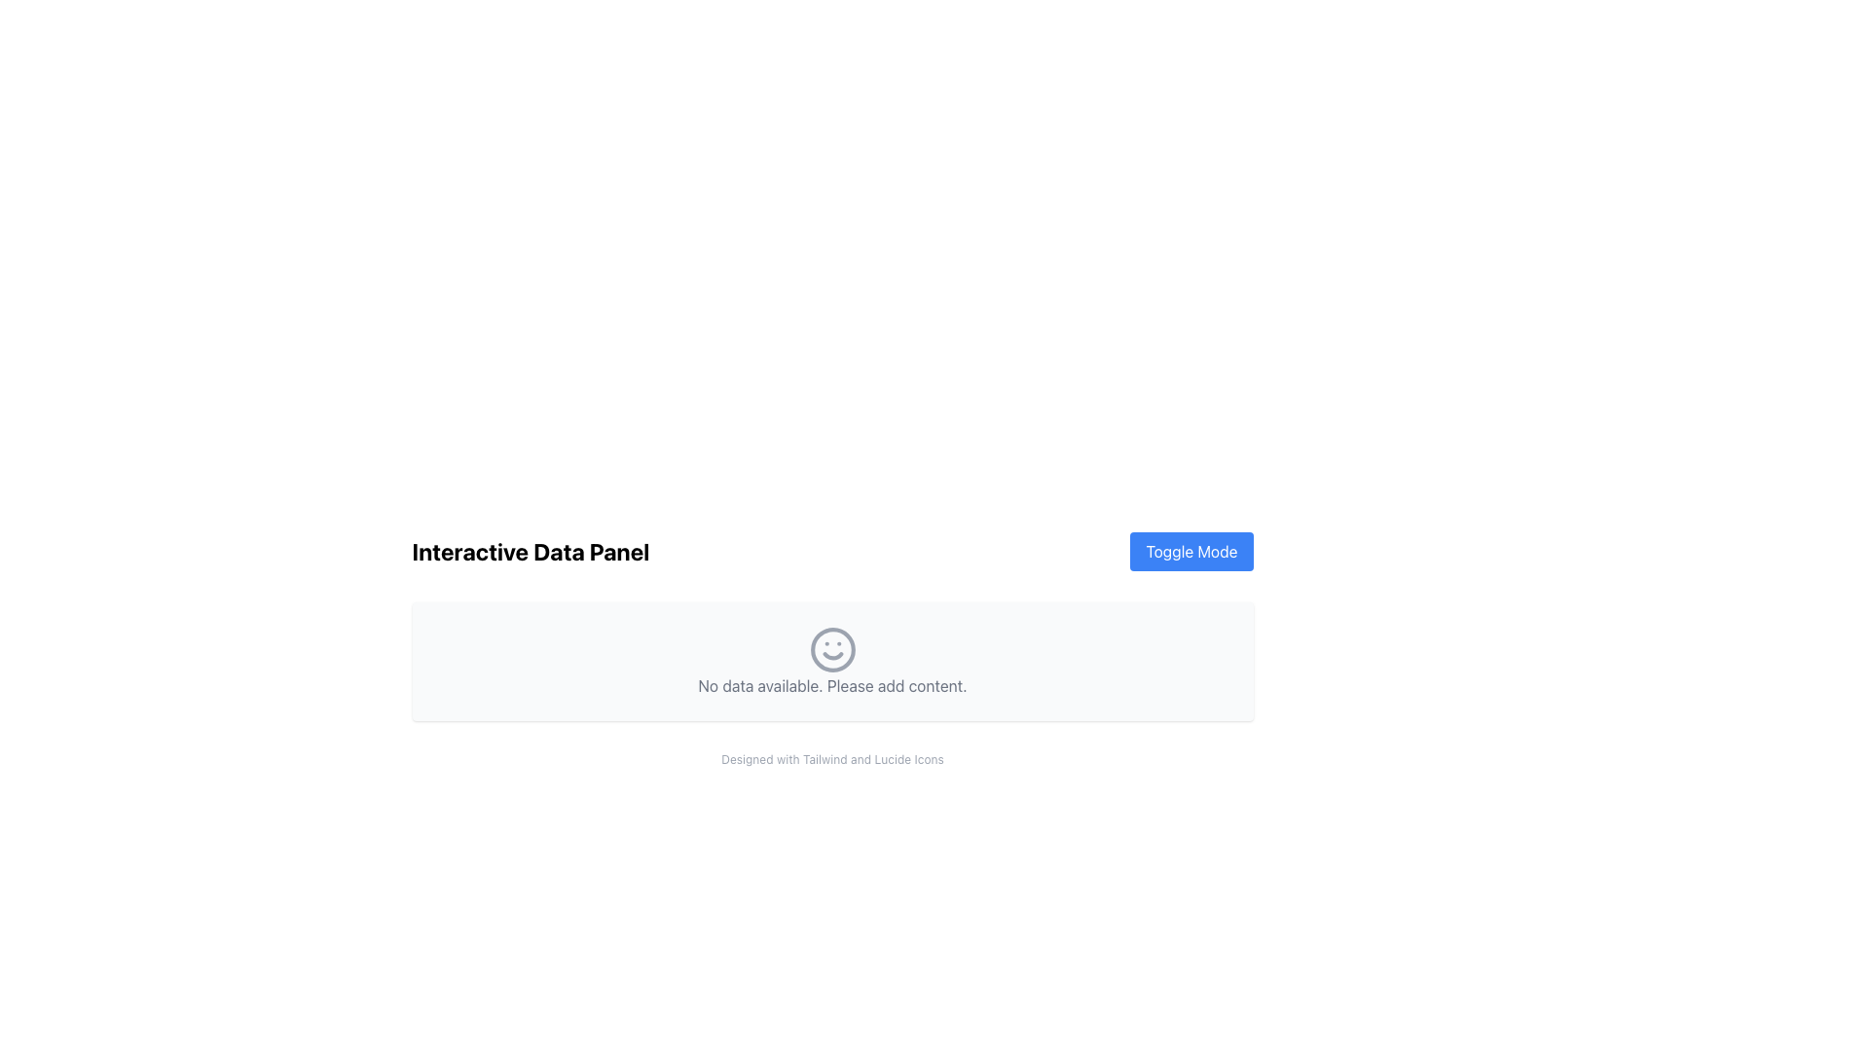 This screenshot has width=1869, height=1051. Describe the element at coordinates (832, 649) in the screenshot. I see `the circular SVG graphic that contains a smiley face, which is outlined in gray and located at the center of the lower portion of the interactive data panel` at that location.